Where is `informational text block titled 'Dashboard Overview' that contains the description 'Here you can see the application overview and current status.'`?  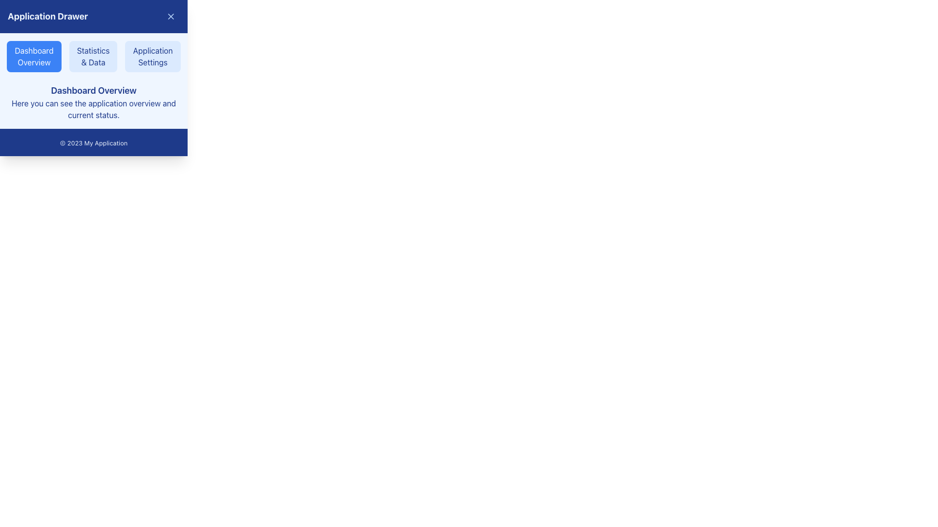 informational text block titled 'Dashboard Overview' that contains the description 'Here you can see the application overview and current status.' is located at coordinates (94, 102).